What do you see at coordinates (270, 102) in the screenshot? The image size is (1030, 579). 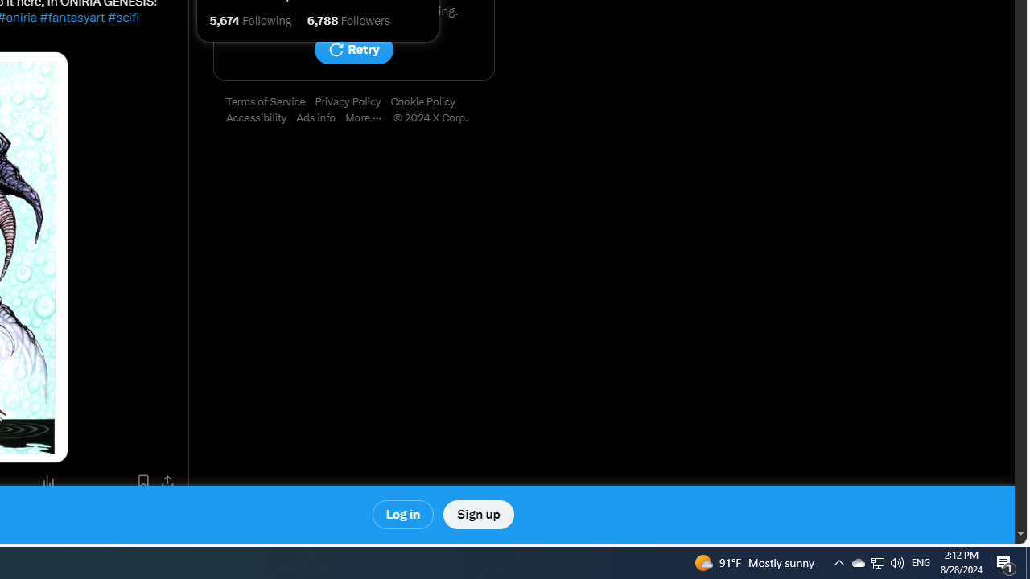 I see `'Terms of Service'` at bounding box center [270, 102].